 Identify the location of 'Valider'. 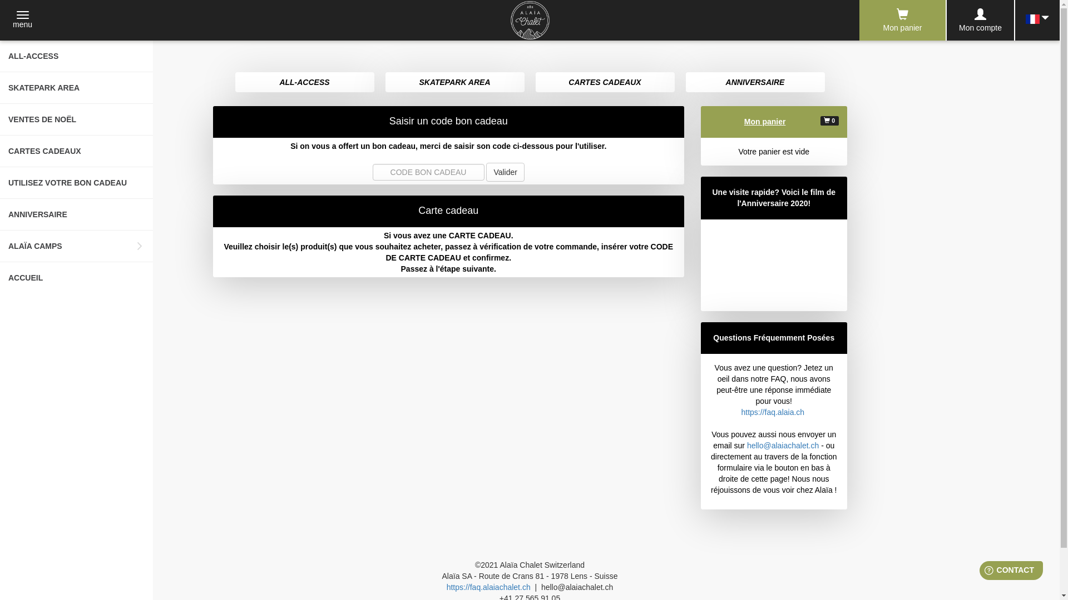
(505, 172).